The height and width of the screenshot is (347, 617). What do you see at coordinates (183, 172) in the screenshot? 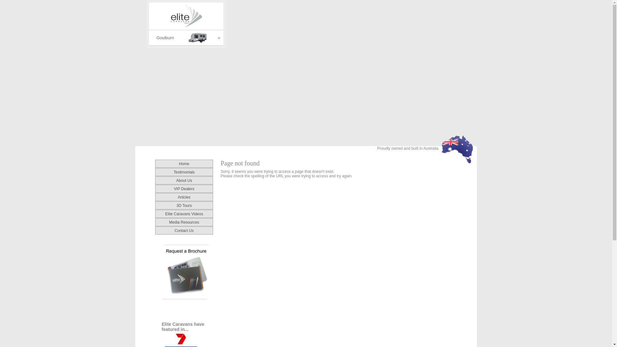
I see `'Testimonials'` at bounding box center [183, 172].